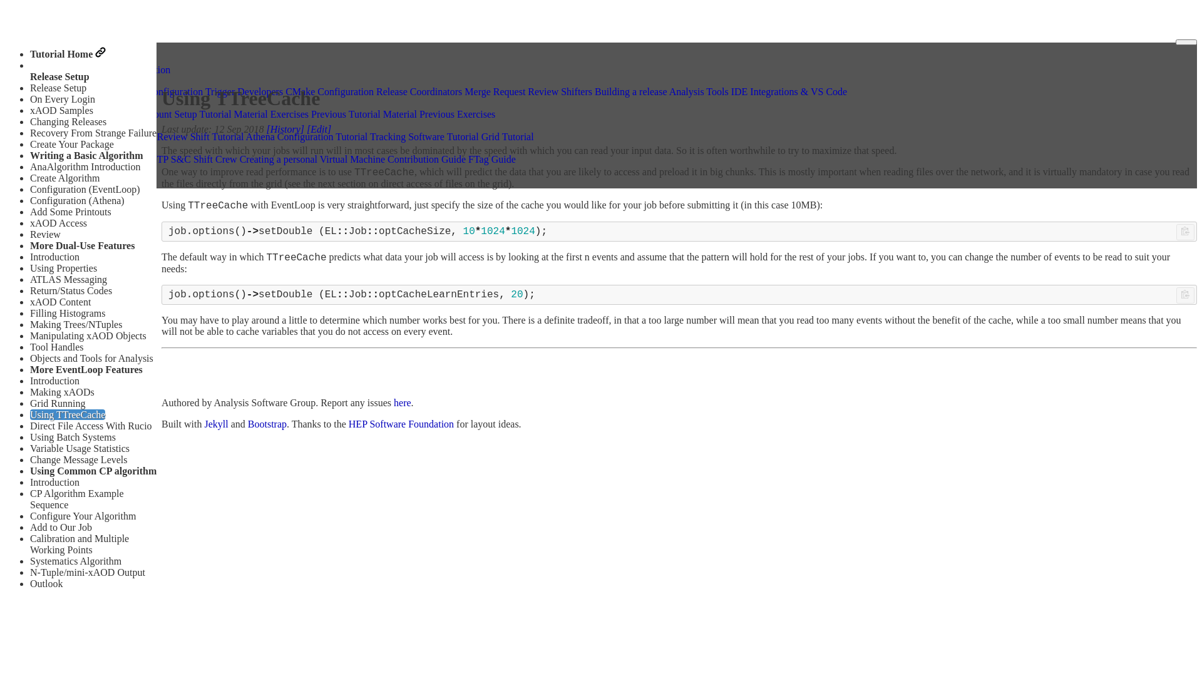  What do you see at coordinates (464, 91) in the screenshot?
I see `'Merge Request Review Shifters'` at bounding box center [464, 91].